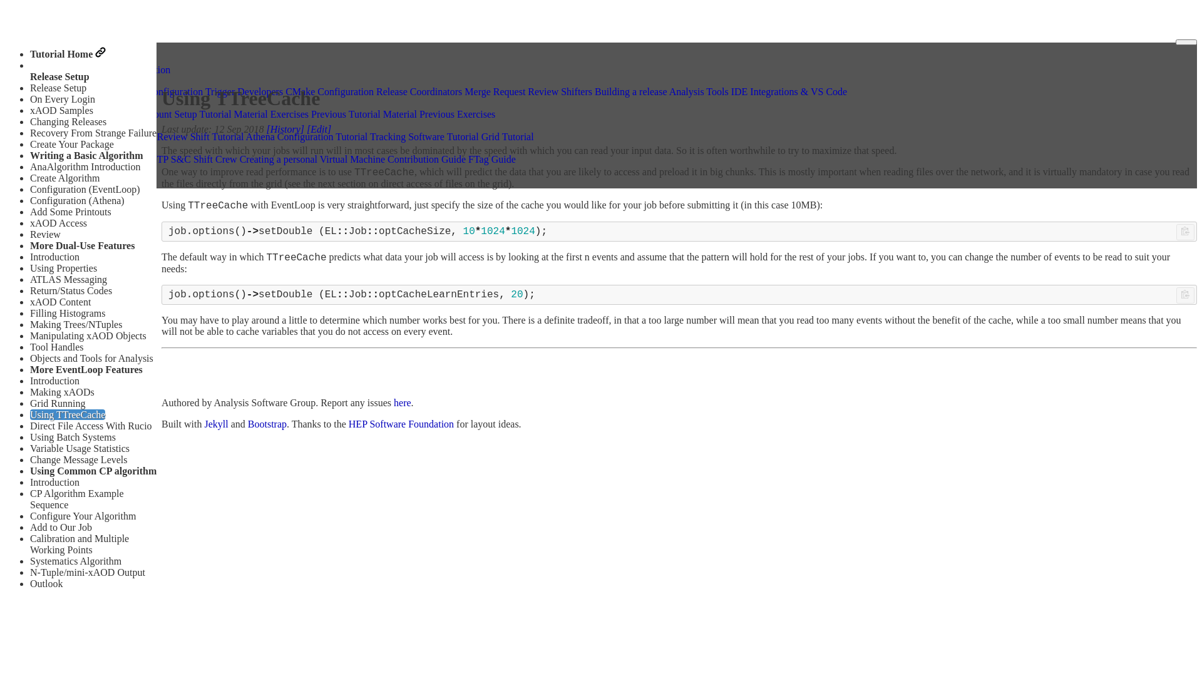  What do you see at coordinates (464, 91) in the screenshot?
I see `'Merge Request Review Shifters'` at bounding box center [464, 91].